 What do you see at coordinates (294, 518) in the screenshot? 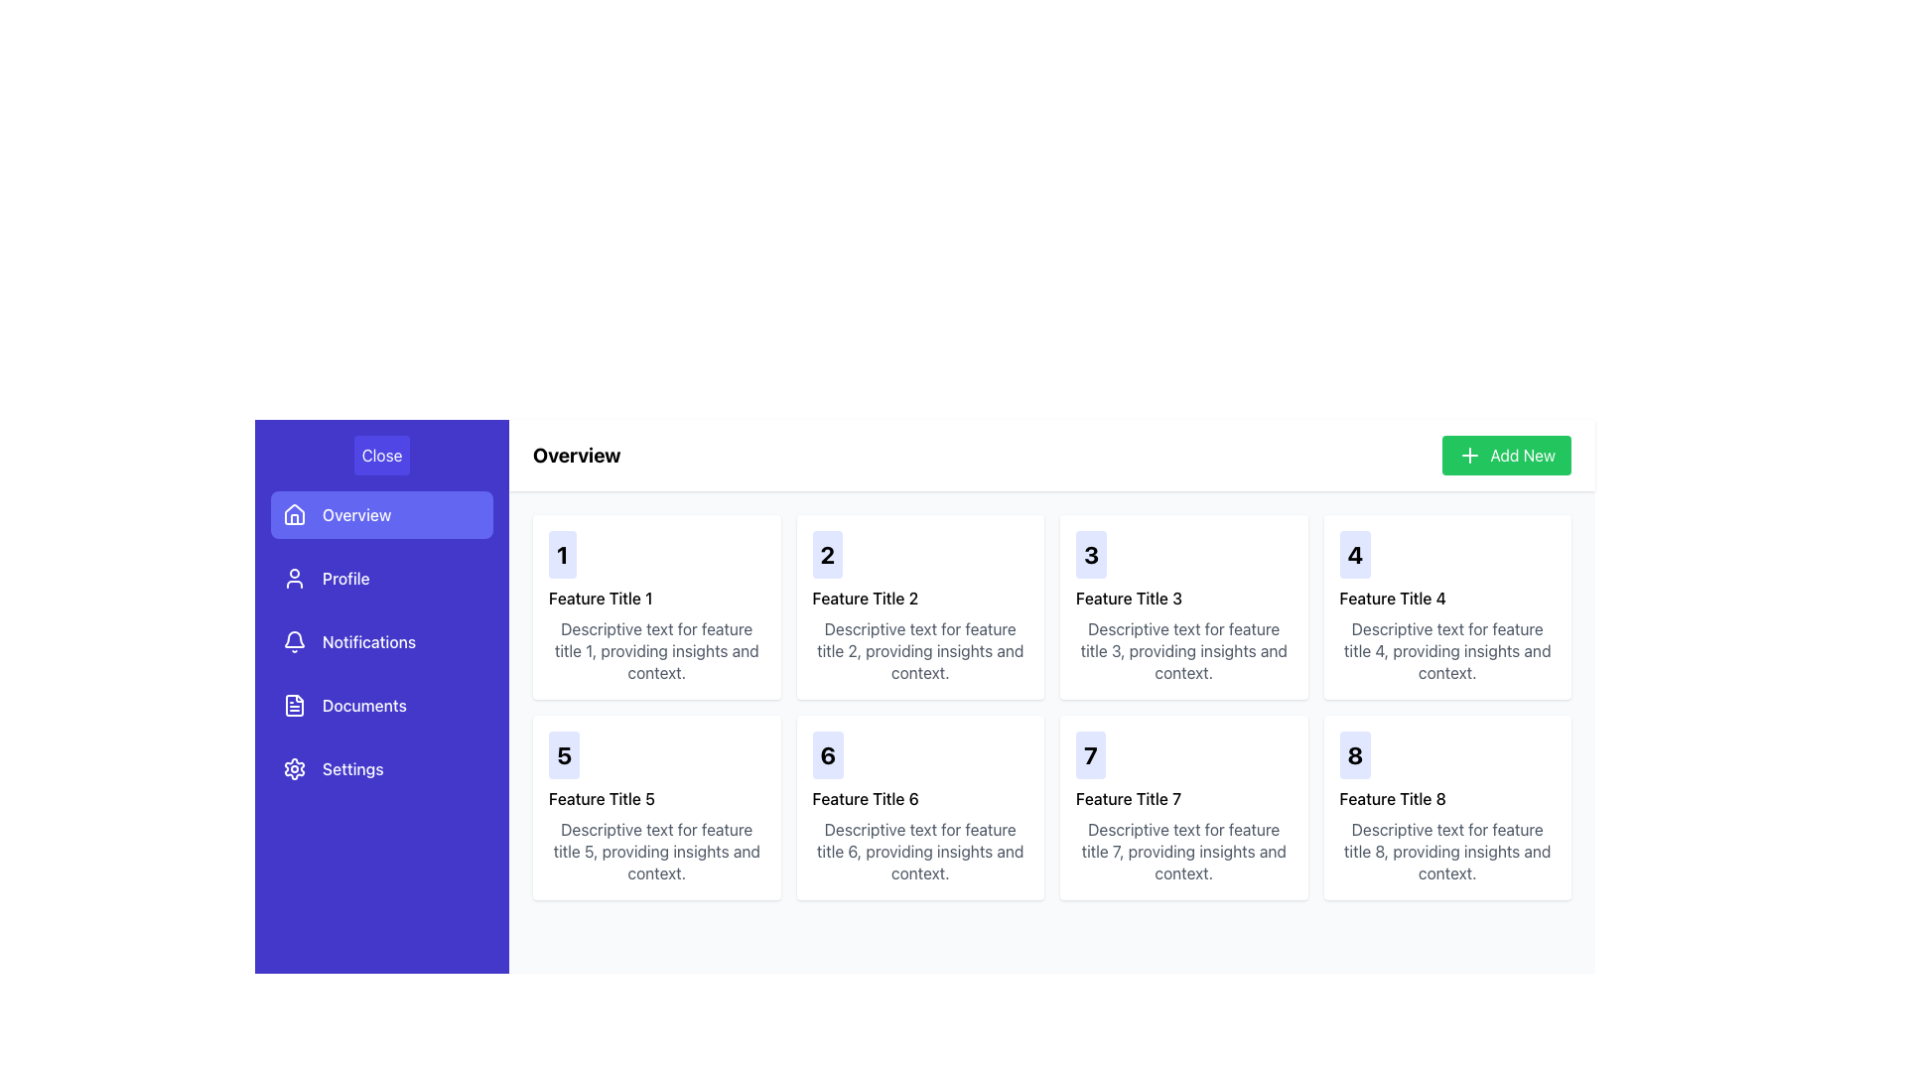
I see `the decorative graphic detail of the house icon in the left navigation bar, which visually resembles a door and is located next to the 'Overview' text` at bounding box center [294, 518].